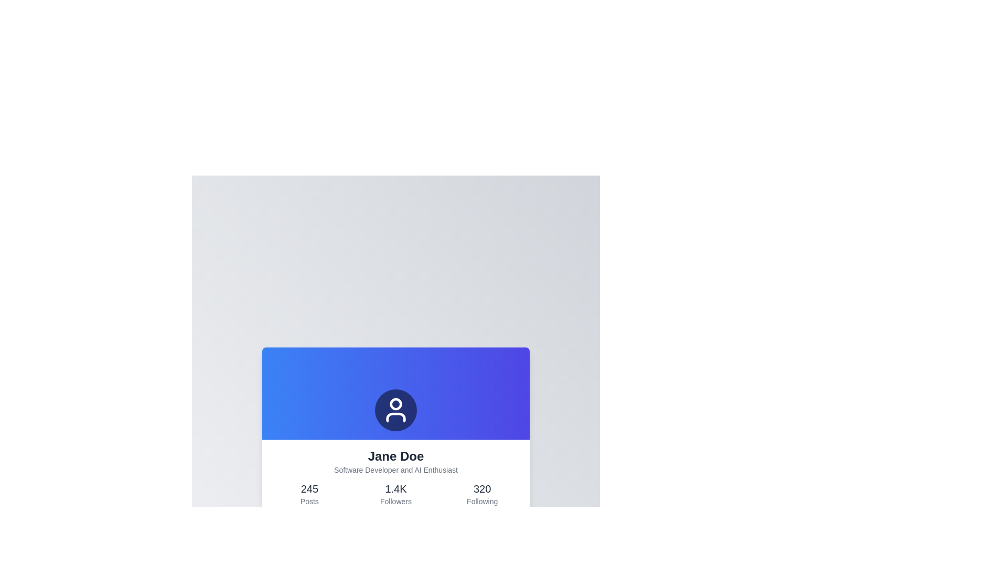  Describe the element at coordinates (481, 489) in the screenshot. I see `the numeric text label displaying the count '320', which represents the number of accounts the user is following` at that location.